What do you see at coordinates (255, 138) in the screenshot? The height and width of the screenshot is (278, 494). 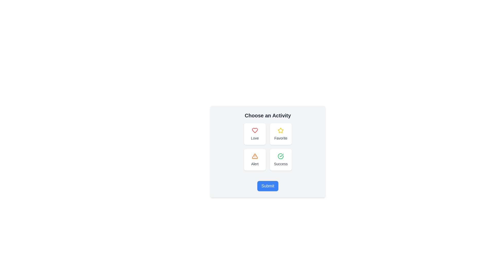 I see `the text label that reads 'Love', which is styled in gray and positioned below the red heart icon in the 'Love' activity section` at bounding box center [255, 138].